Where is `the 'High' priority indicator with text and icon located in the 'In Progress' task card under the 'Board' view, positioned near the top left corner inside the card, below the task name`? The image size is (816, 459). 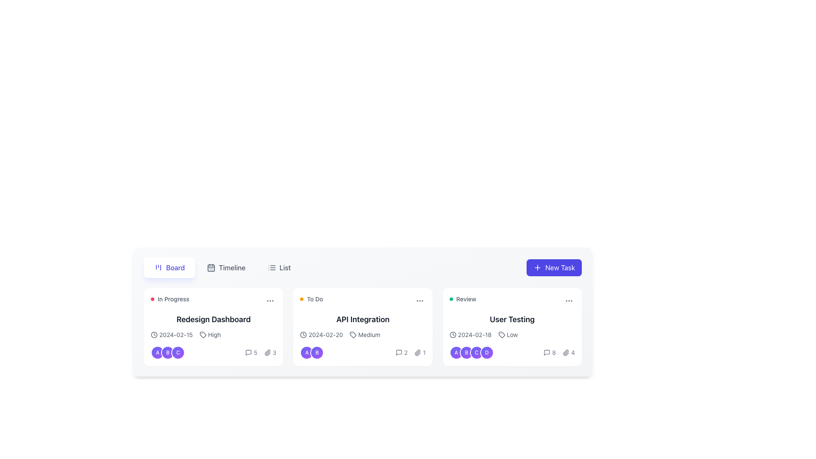 the 'High' priority indicator with text and icon located in the 'In Progress' task card under the 'Board' view, positioned near the top left corner inside the card, below the task name is located at coordinates (210, 334).